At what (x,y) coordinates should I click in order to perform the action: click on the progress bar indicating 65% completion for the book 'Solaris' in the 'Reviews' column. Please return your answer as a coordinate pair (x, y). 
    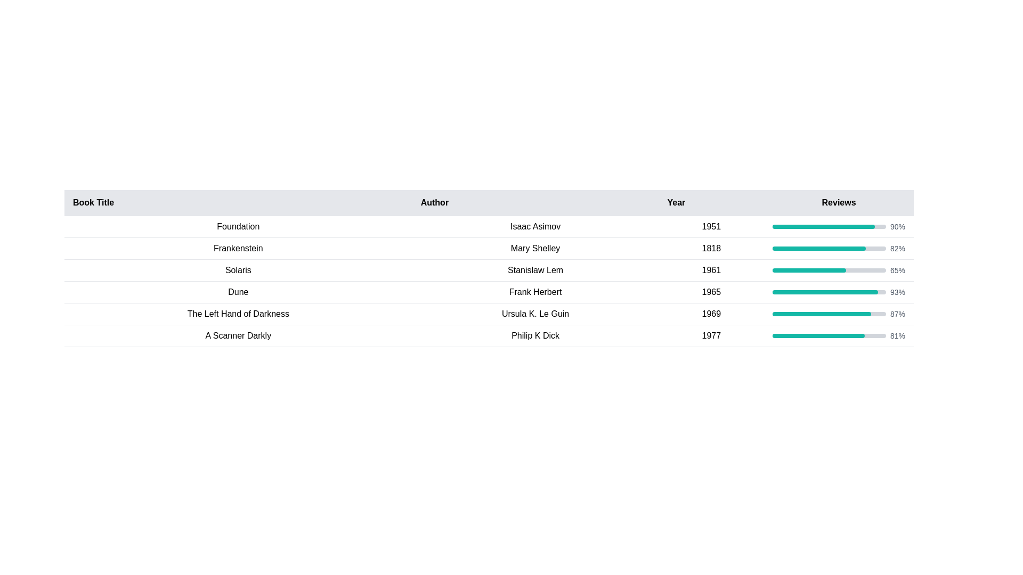
    Looking at the image, I should click on (829, 270).